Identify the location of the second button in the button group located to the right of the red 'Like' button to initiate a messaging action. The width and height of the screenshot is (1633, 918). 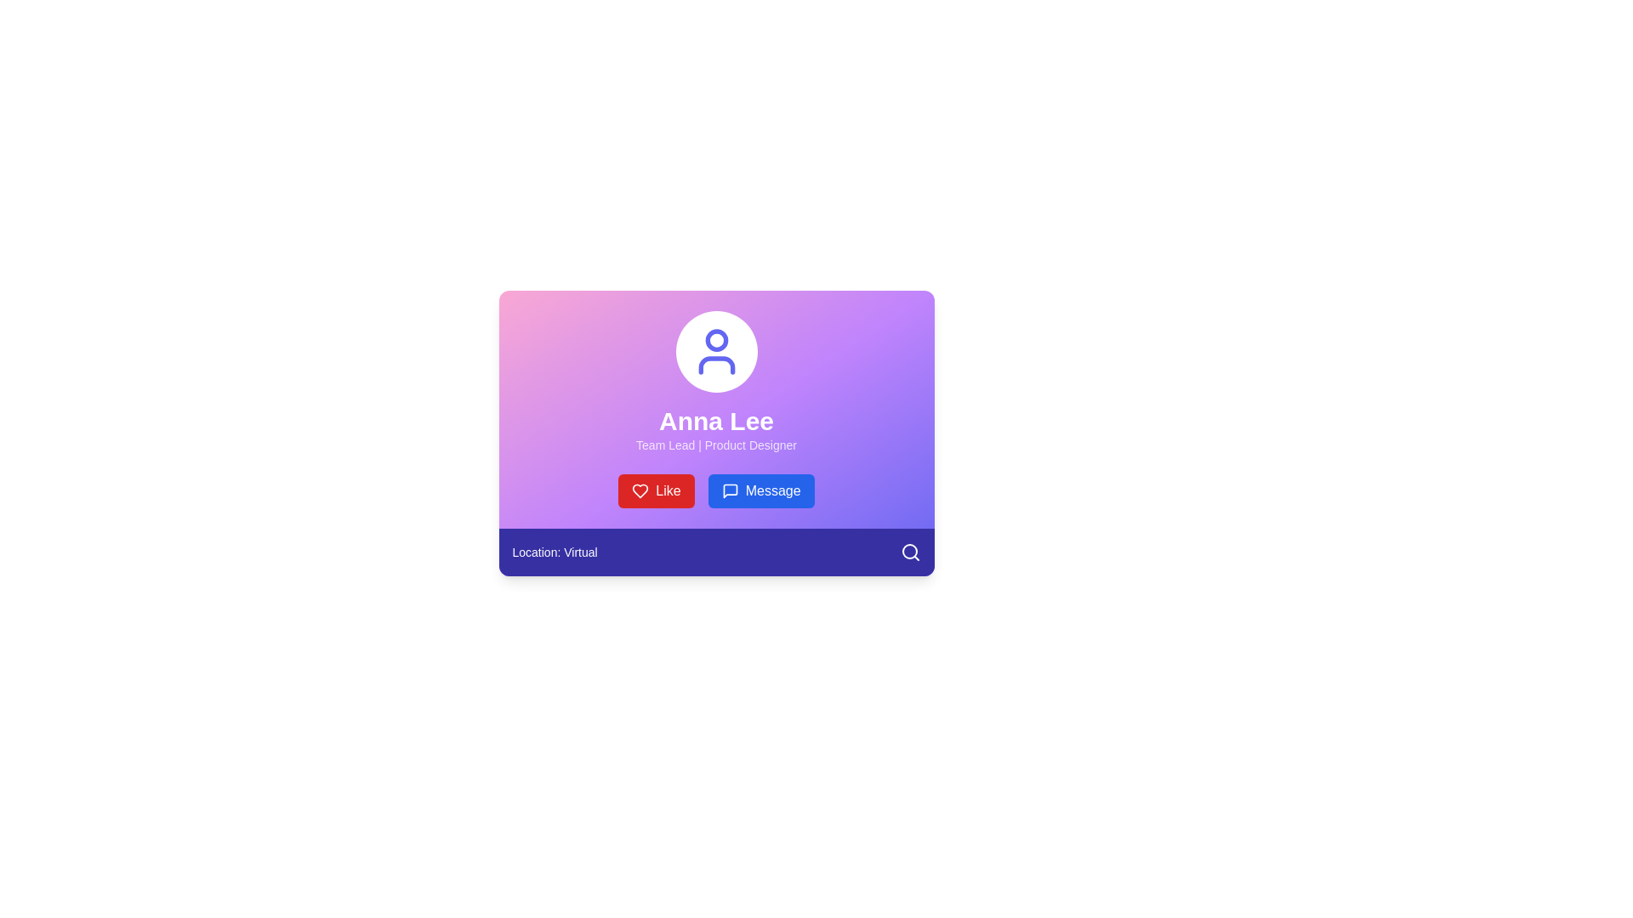
(760, 491).